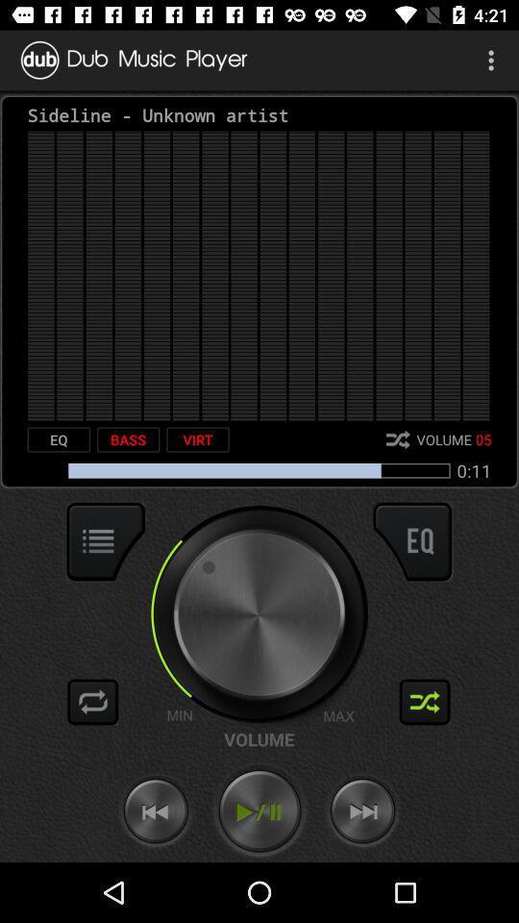 The width and height of the screenshot is (519, 923). Describe the element at coordinates (493, 60) in the screenshot. I see `the item at the top right corner` at that location.